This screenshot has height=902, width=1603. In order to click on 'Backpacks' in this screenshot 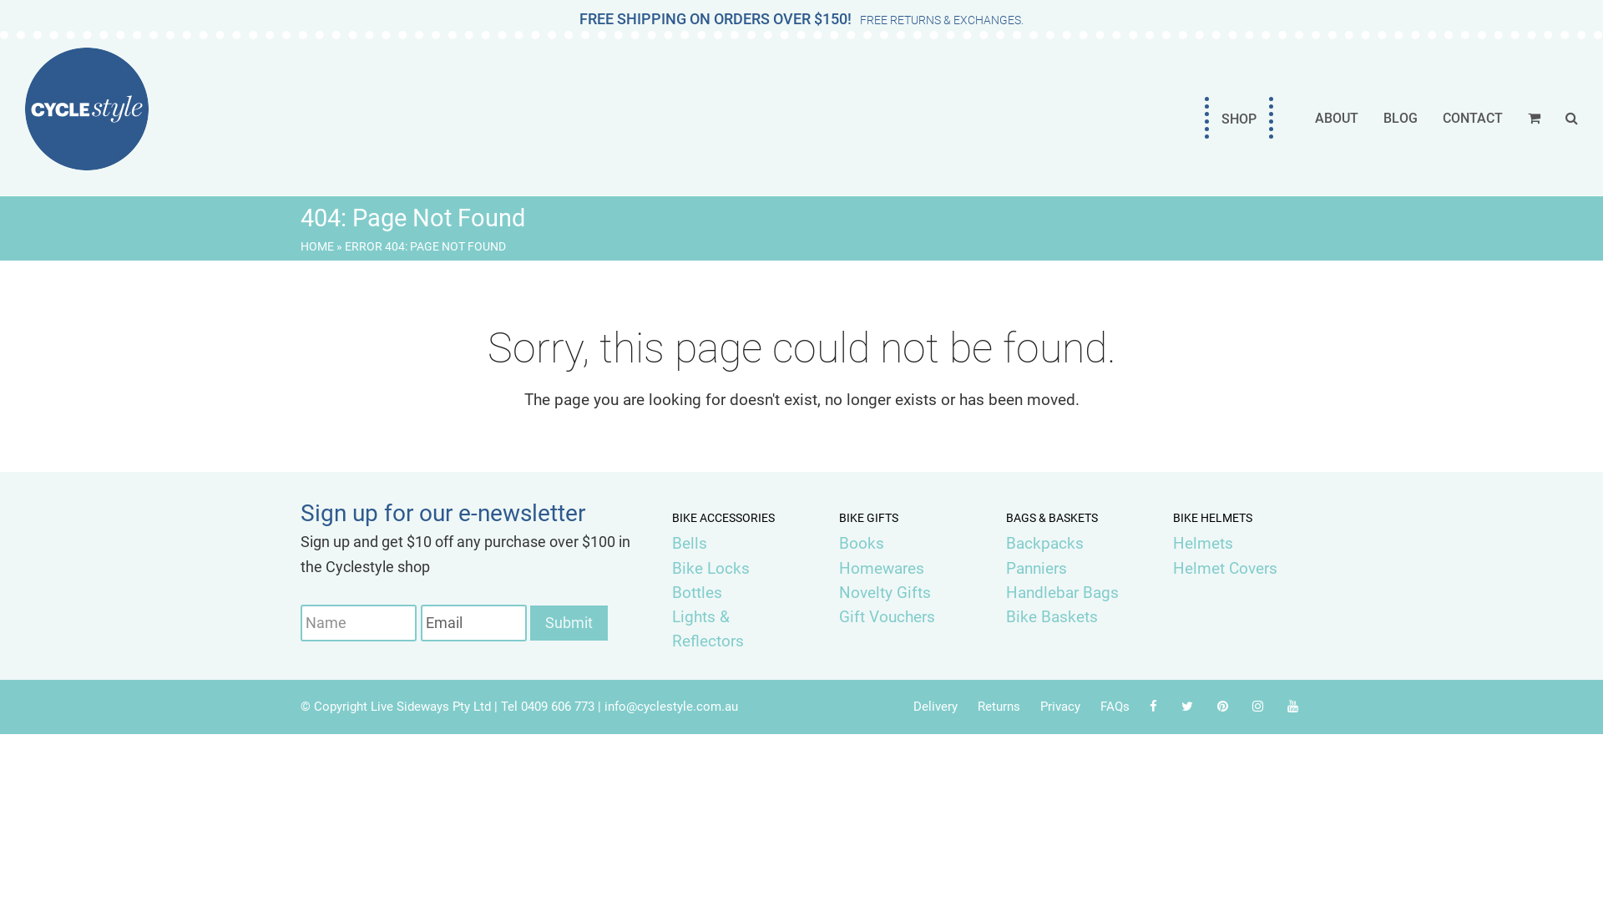, I will do `click(1004, 543)`.